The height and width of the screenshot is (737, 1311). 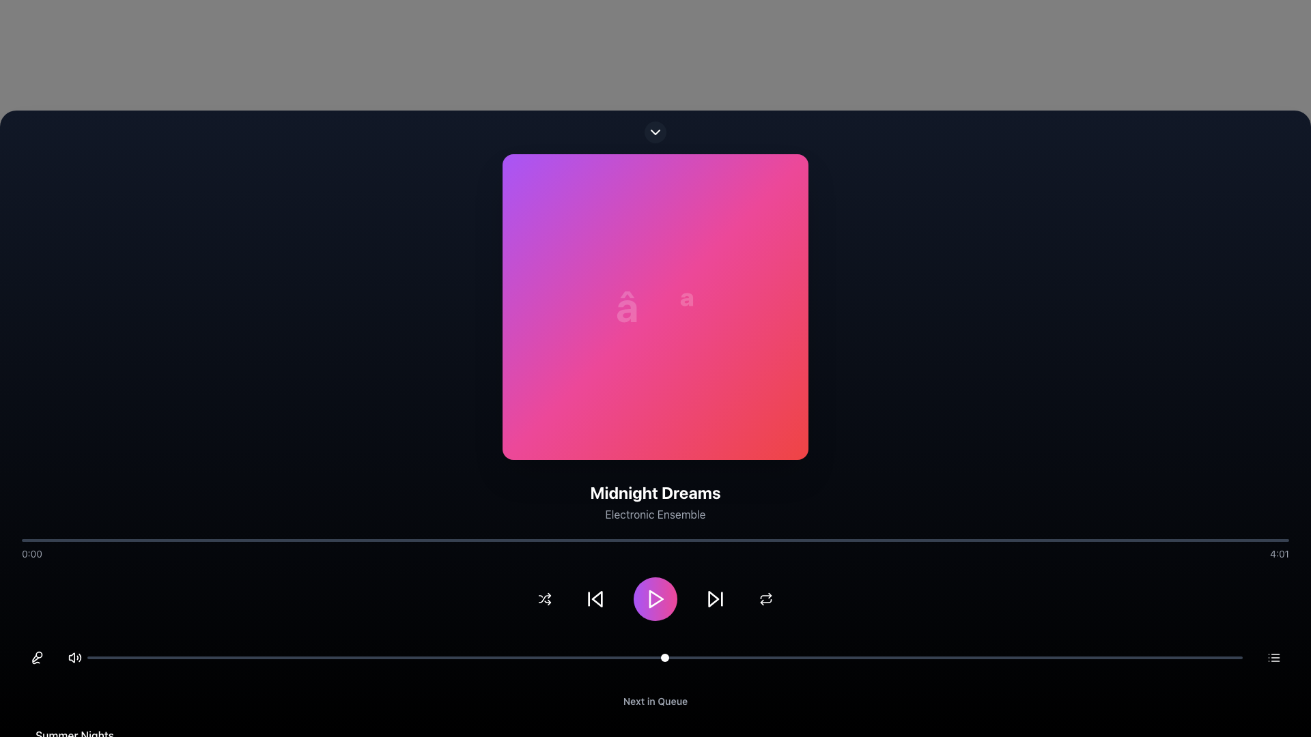 What do you see at coordinates (815, 657) in the screenshot?
I see `the timeline position` at bounding box center [815, 657].